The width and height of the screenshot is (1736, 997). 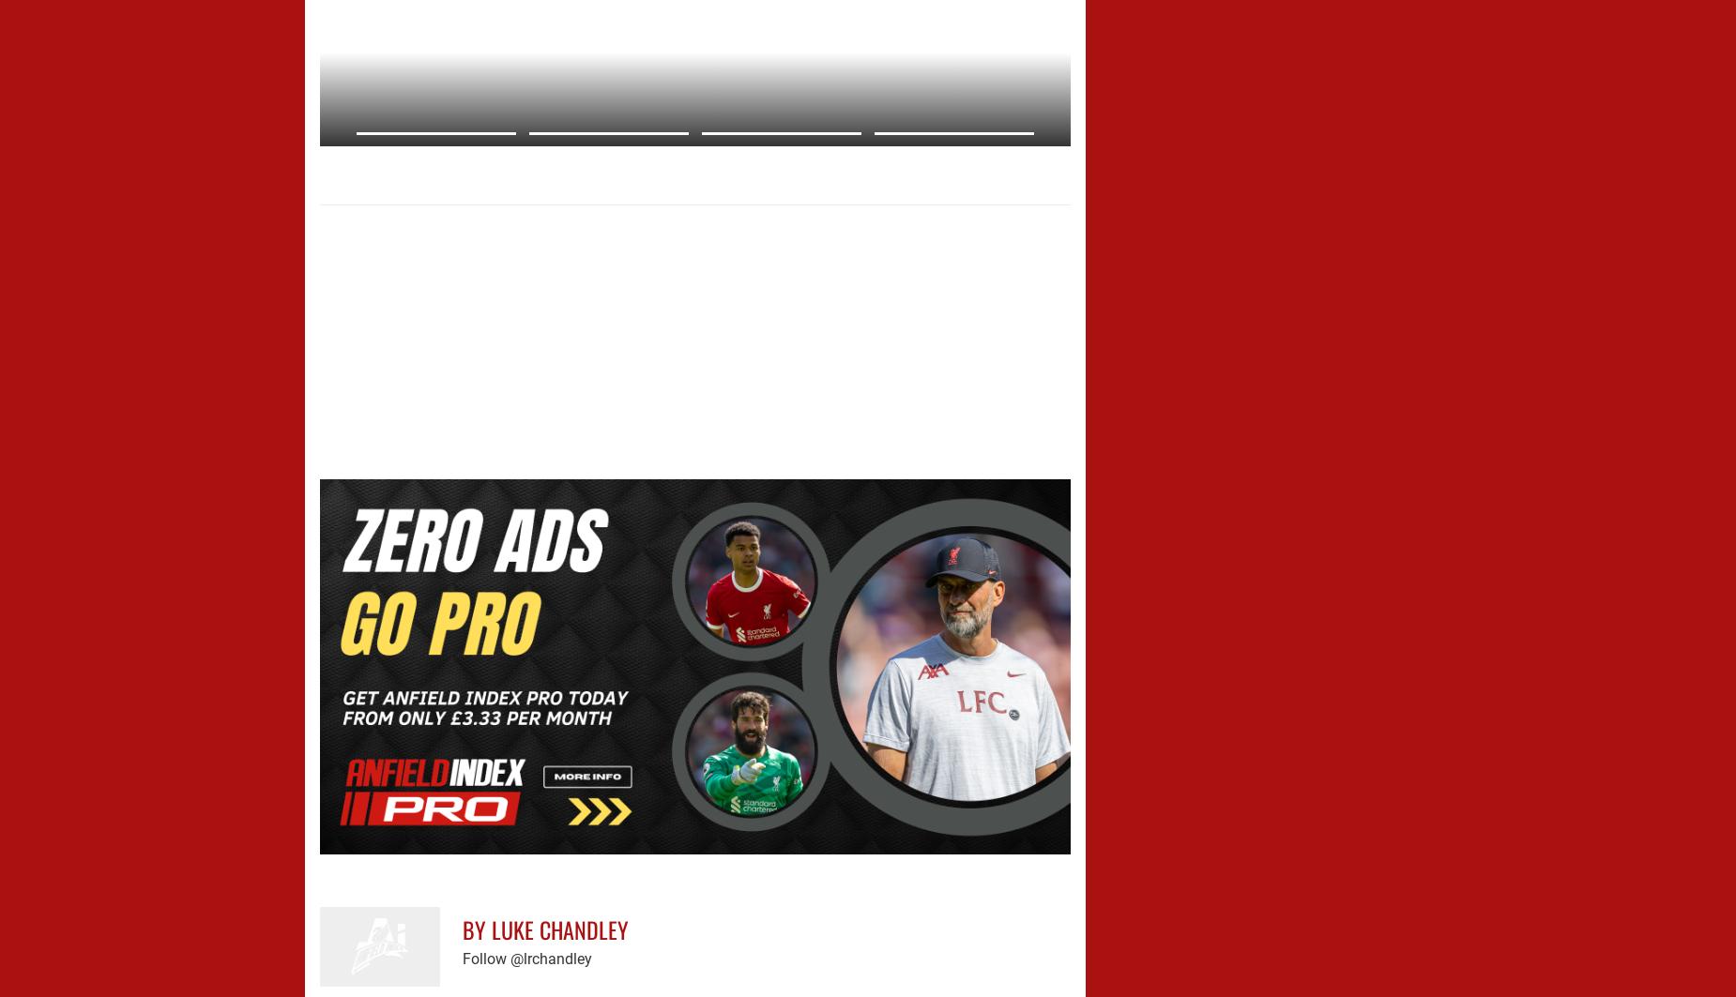 I want to click on 'Luke Chandley', so click(x=559, y=927).